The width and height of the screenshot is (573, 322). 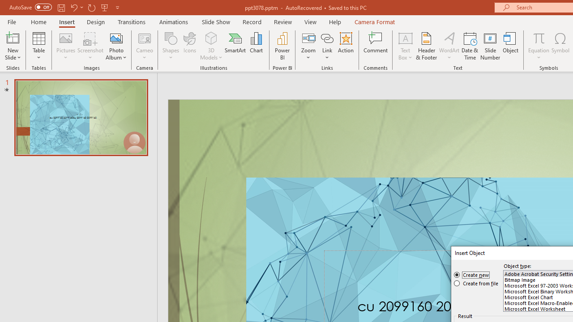 What do you see at coordinates (282, 46) in the screenshot?
I see `'Power BI'` at bounding box center [282, 46].